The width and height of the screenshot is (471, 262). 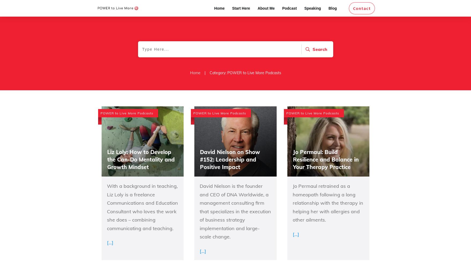 What do you see at coordinates (240, 8) in the screenshot?
I see `'Start Here'` at bounding box center [240, 8].